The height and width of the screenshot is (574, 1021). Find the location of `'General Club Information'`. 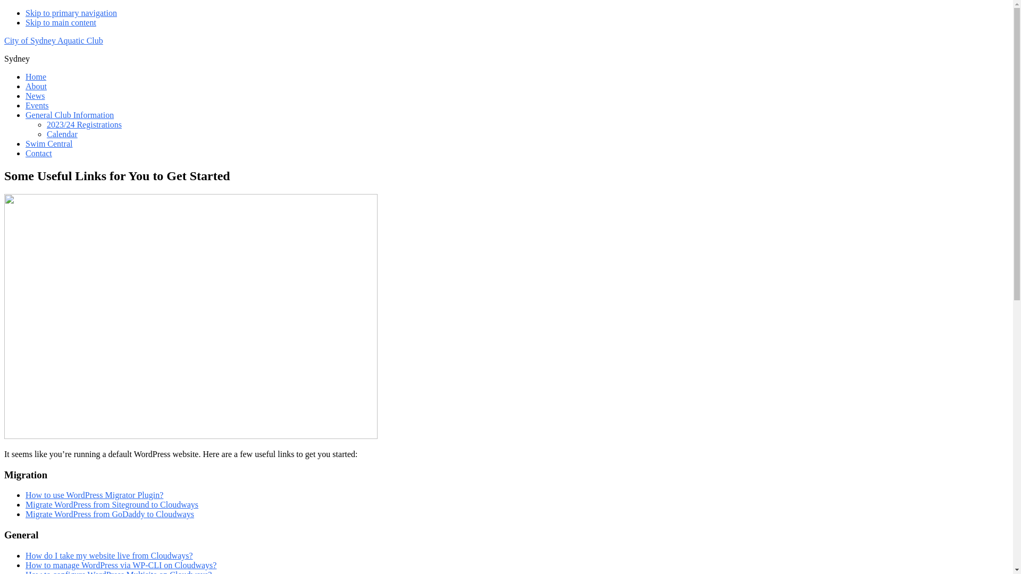

'General Club Information' is located at coordinates (69, 115).